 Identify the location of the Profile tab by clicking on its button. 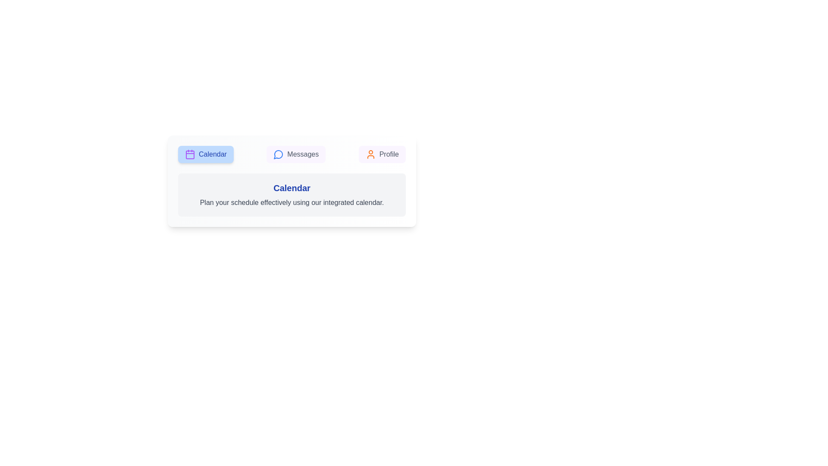
(382, 154).